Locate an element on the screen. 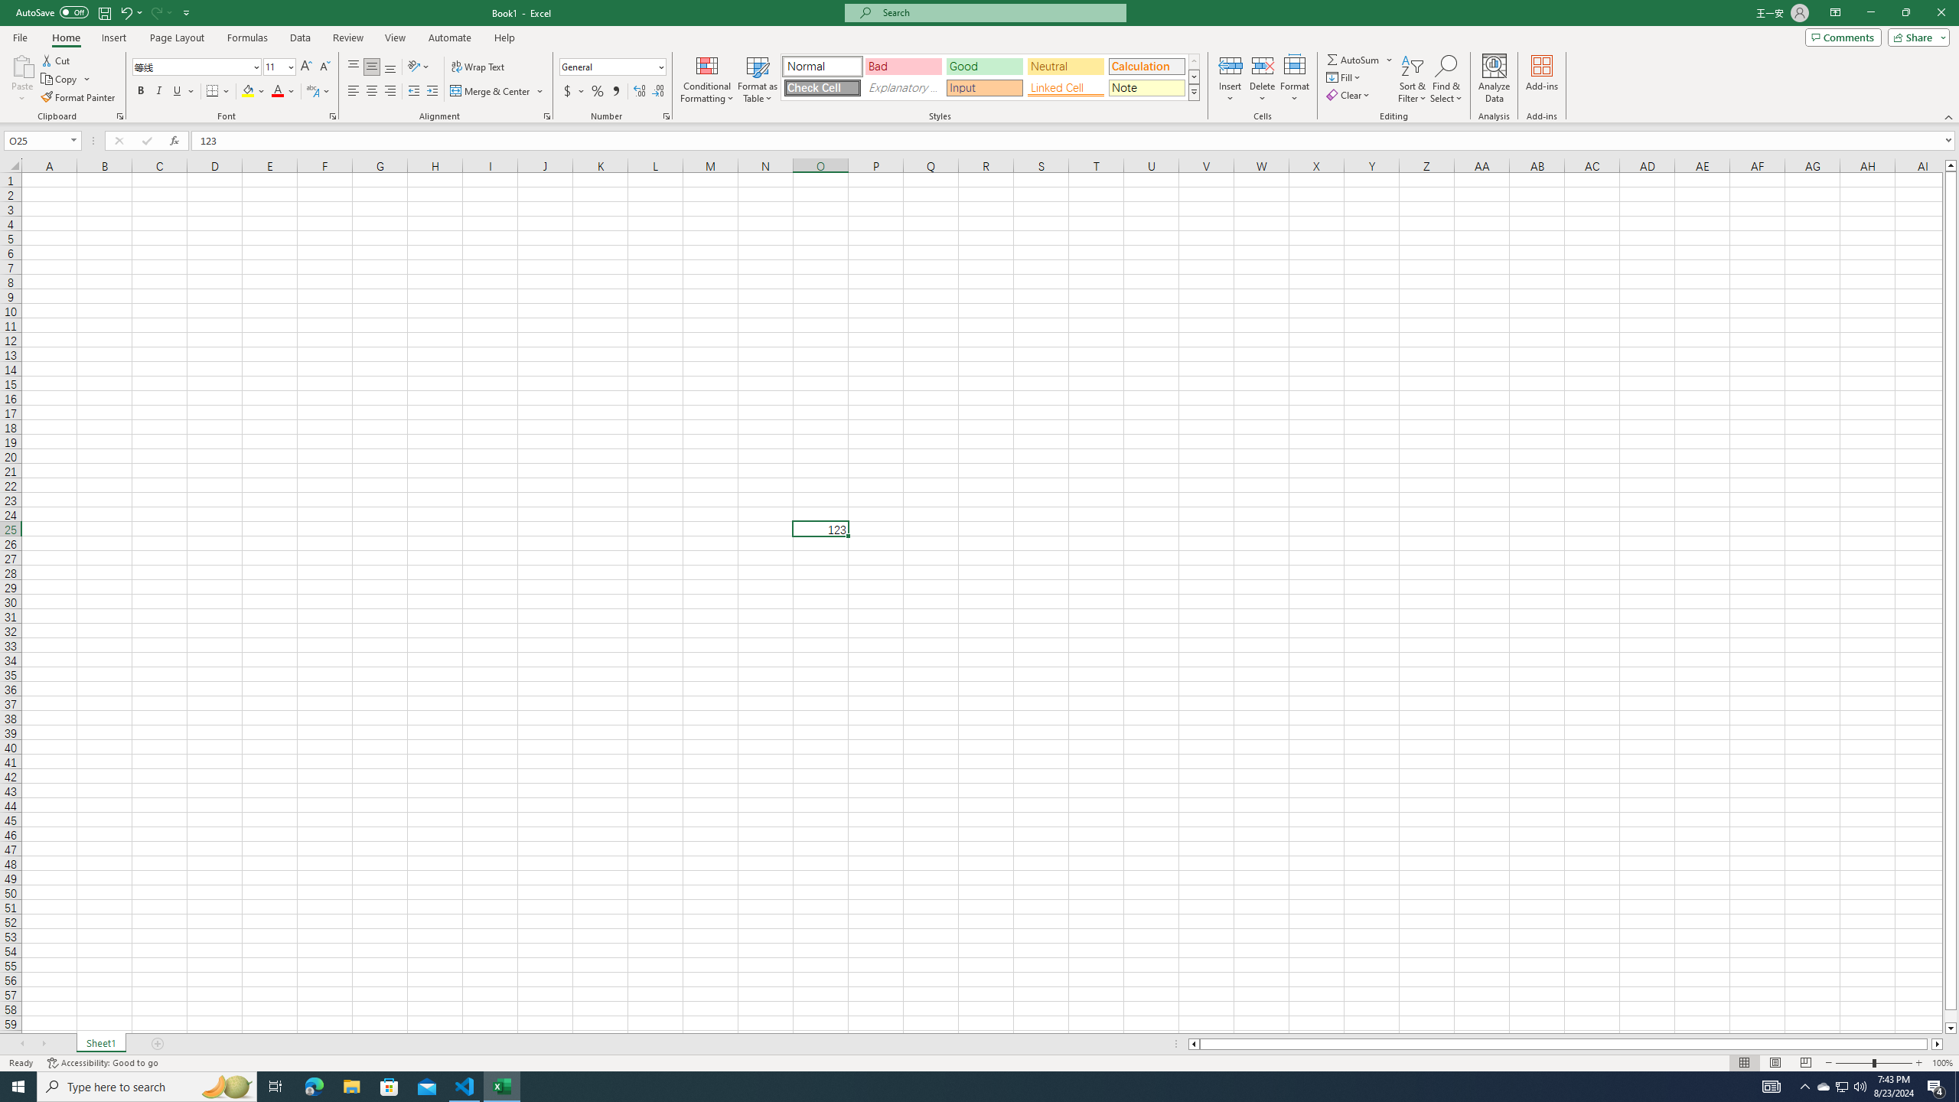 The width and height of the screenshot is (1959, 1102). 'Insert' is located at coordinates (1229, 79).